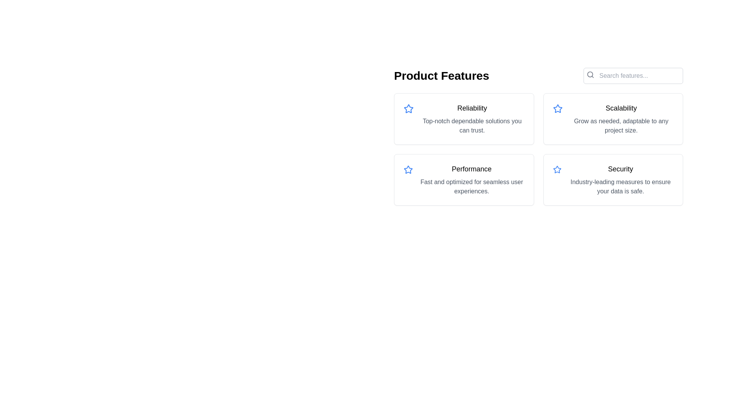 The width and height of the screenshot is (741, 416). What do you see at coordinates (472, 108) in the screenshot?
I see `the 'Reliability' heading text, which is a prominent label in bold font located at the top of the first rectangular card in the 'Product Features' grid` at bounding box center [472, 108].